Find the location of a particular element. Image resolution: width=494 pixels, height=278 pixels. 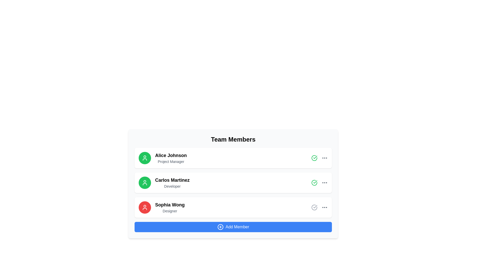

text indicating the professional role of Alice Johnson, located in the topmost entry of the 'Team Members' list, directly beneath her name and aligned with the avatar and checkmark icon is located at coordinates (171, 161).